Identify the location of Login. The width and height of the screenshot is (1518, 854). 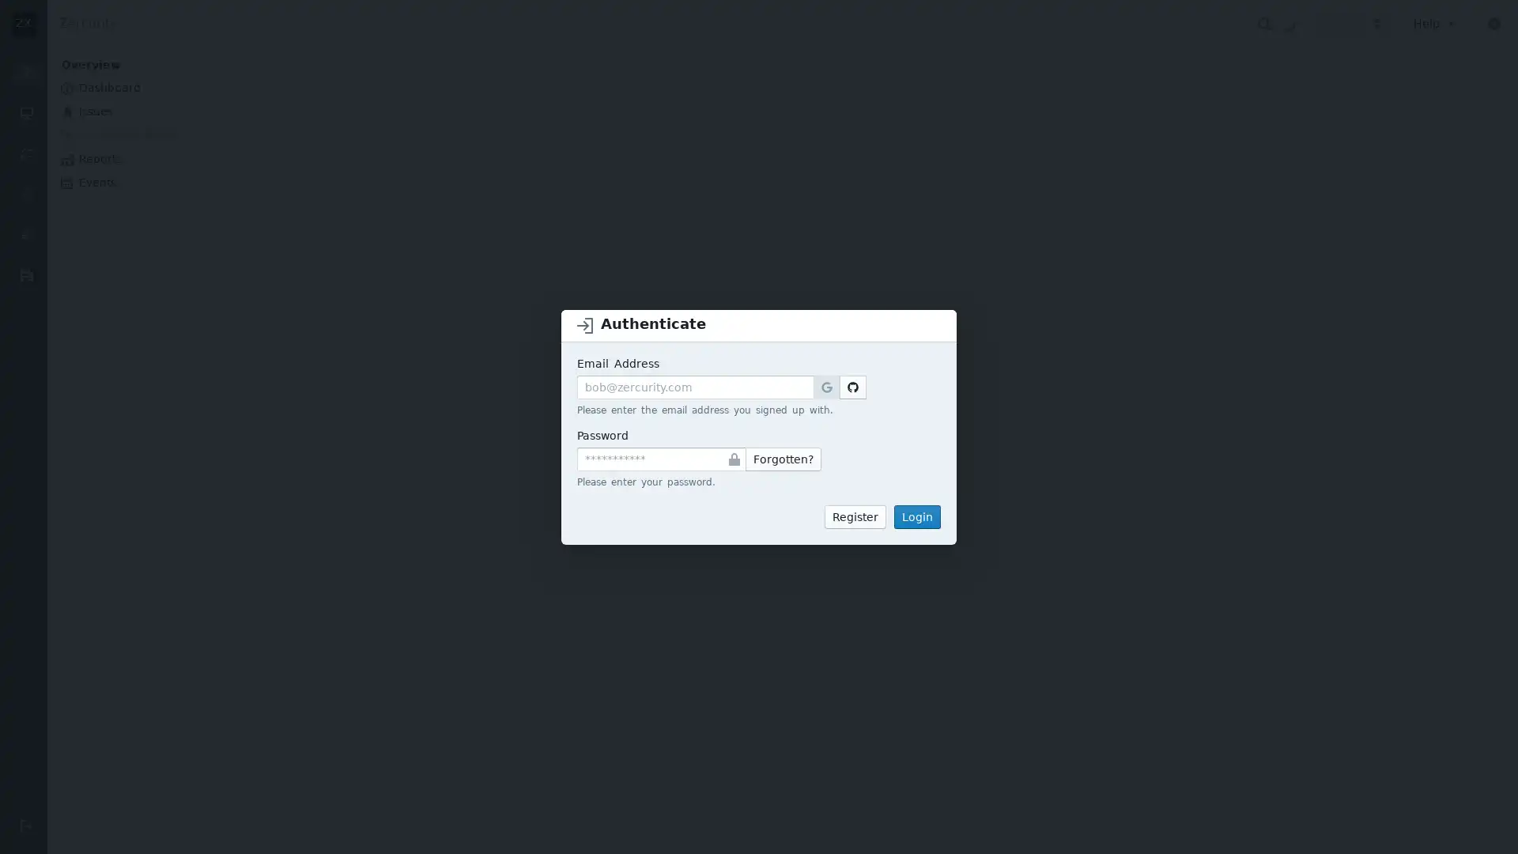
(917, 516).